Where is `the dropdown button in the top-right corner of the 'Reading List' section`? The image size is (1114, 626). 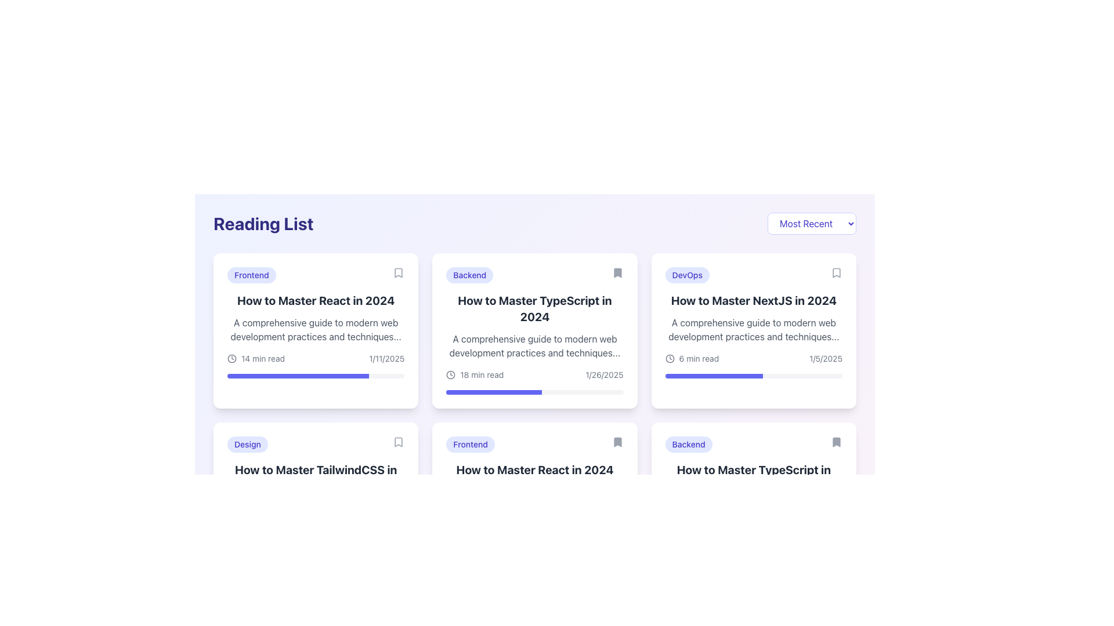
the dropdown button in the top-right corner of the 'Reading List' section is located at coordinates (811, 223).